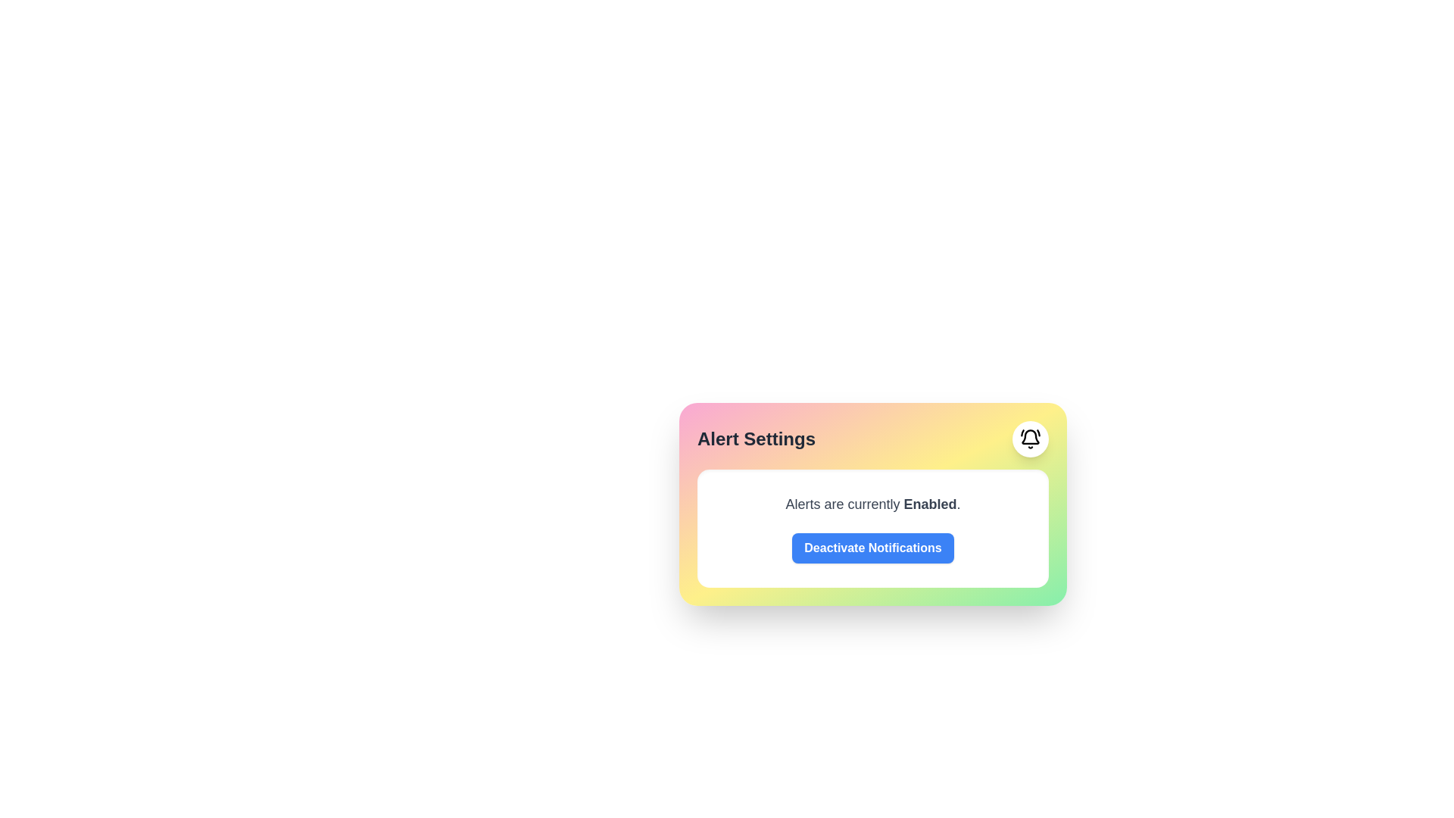 This screenshot has height=818, width=1454. Describe the element at coordinates (1030, 439) in the screenshot. I see `the toggle button in the header to change the alert state` at that location.